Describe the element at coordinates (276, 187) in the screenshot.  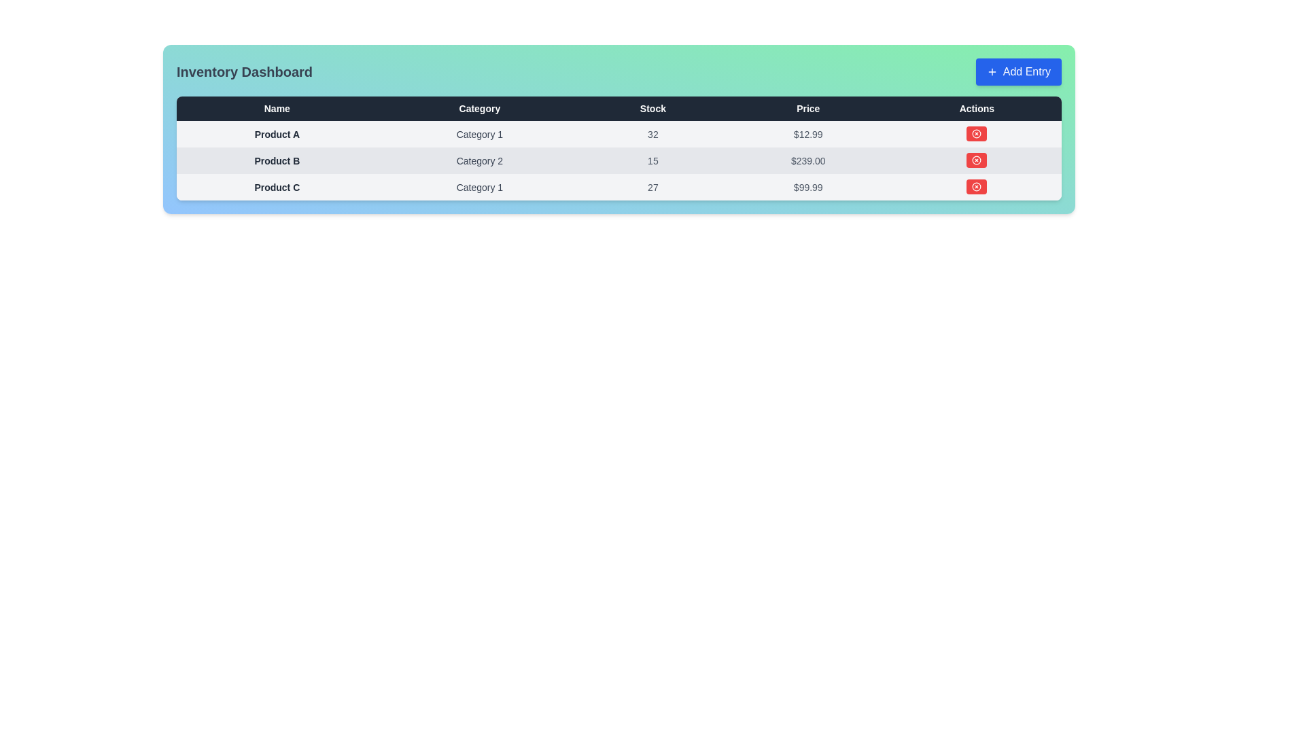
I see `the 'Name' text element in the third row of the inventory dashboard, which displays the product name` at that location.